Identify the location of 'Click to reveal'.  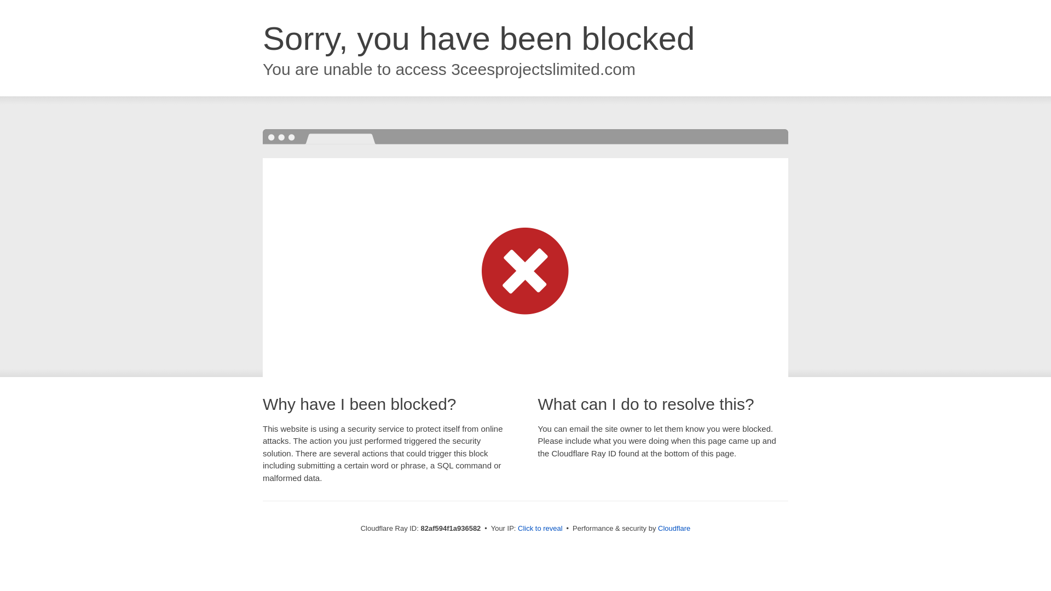
(540, 528).